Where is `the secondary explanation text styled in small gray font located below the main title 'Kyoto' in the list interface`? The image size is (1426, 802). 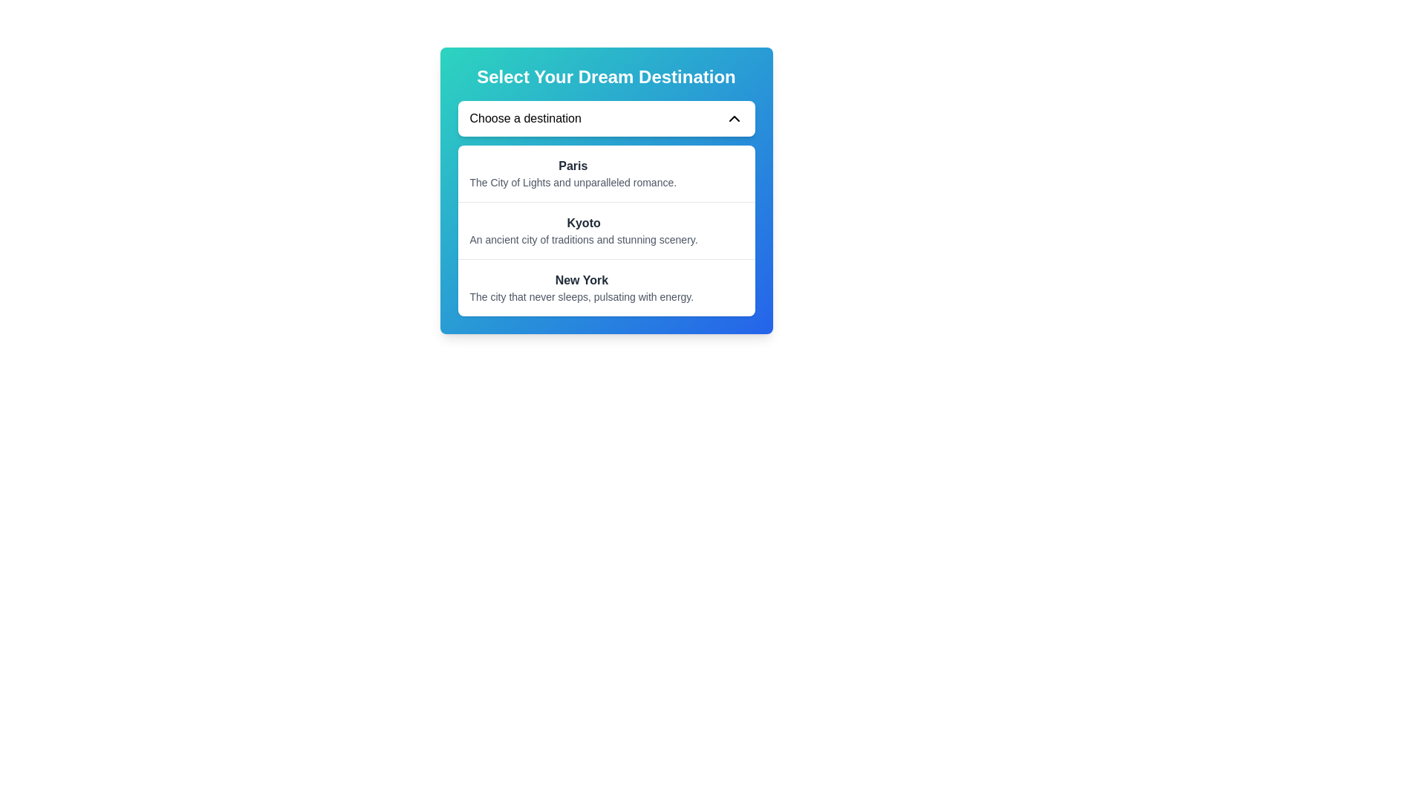 the secondary explanation text styled in small gray font located below the main title 'Kyoto' in the list interface is located at coordinates (583, 239).